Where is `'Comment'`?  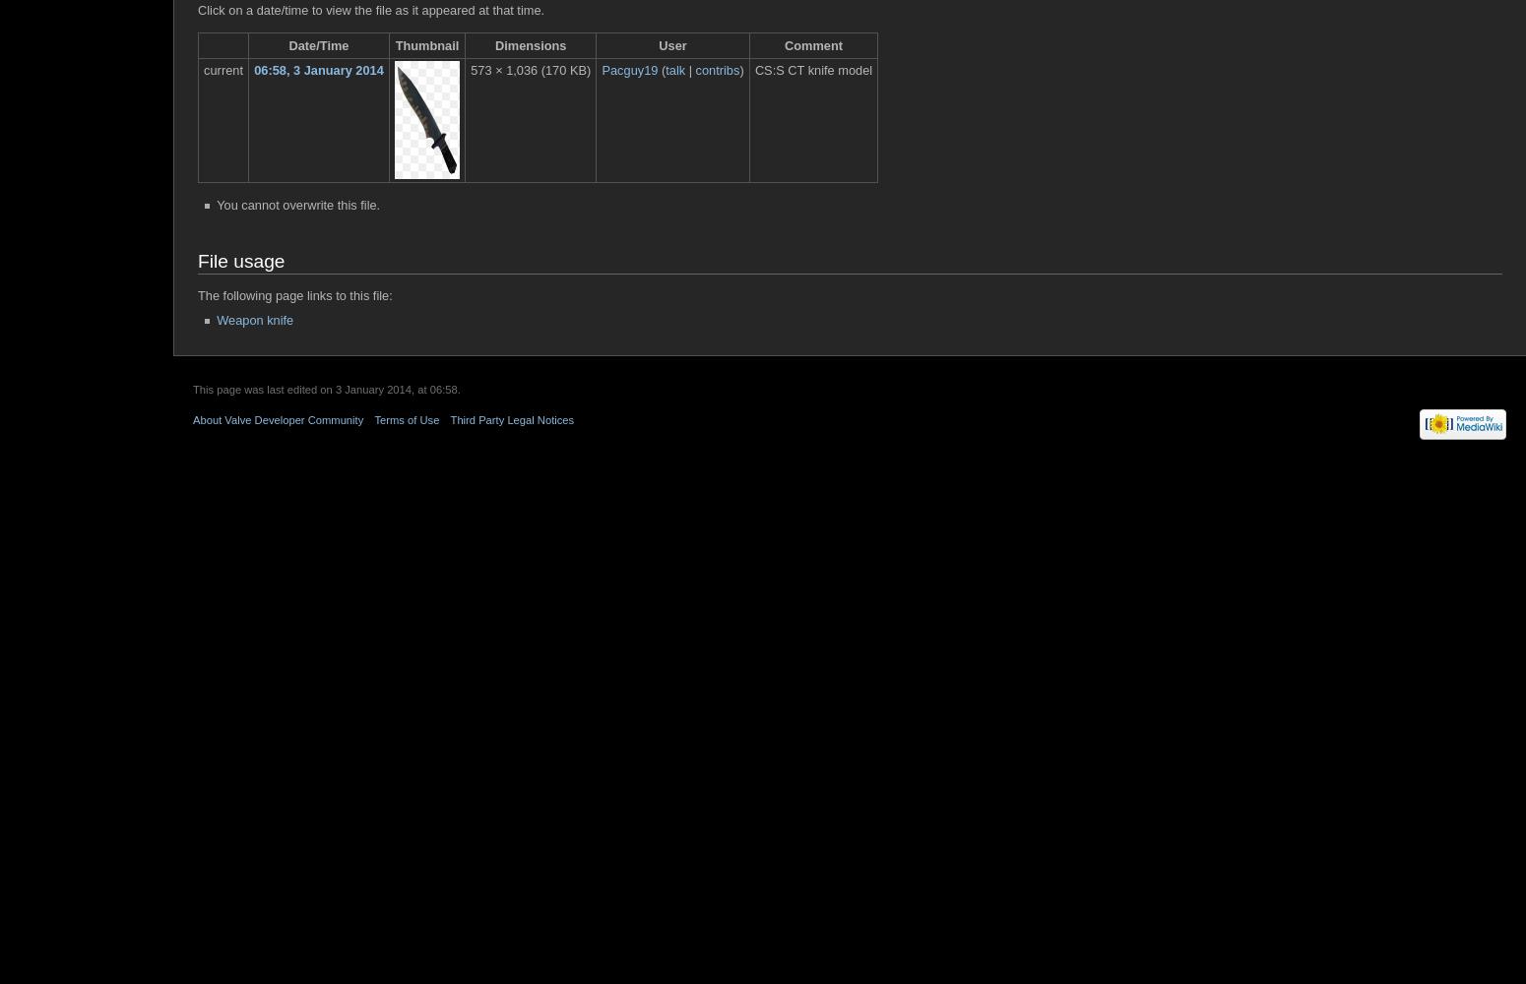 'Comment' is located at coordinates (811, 44).